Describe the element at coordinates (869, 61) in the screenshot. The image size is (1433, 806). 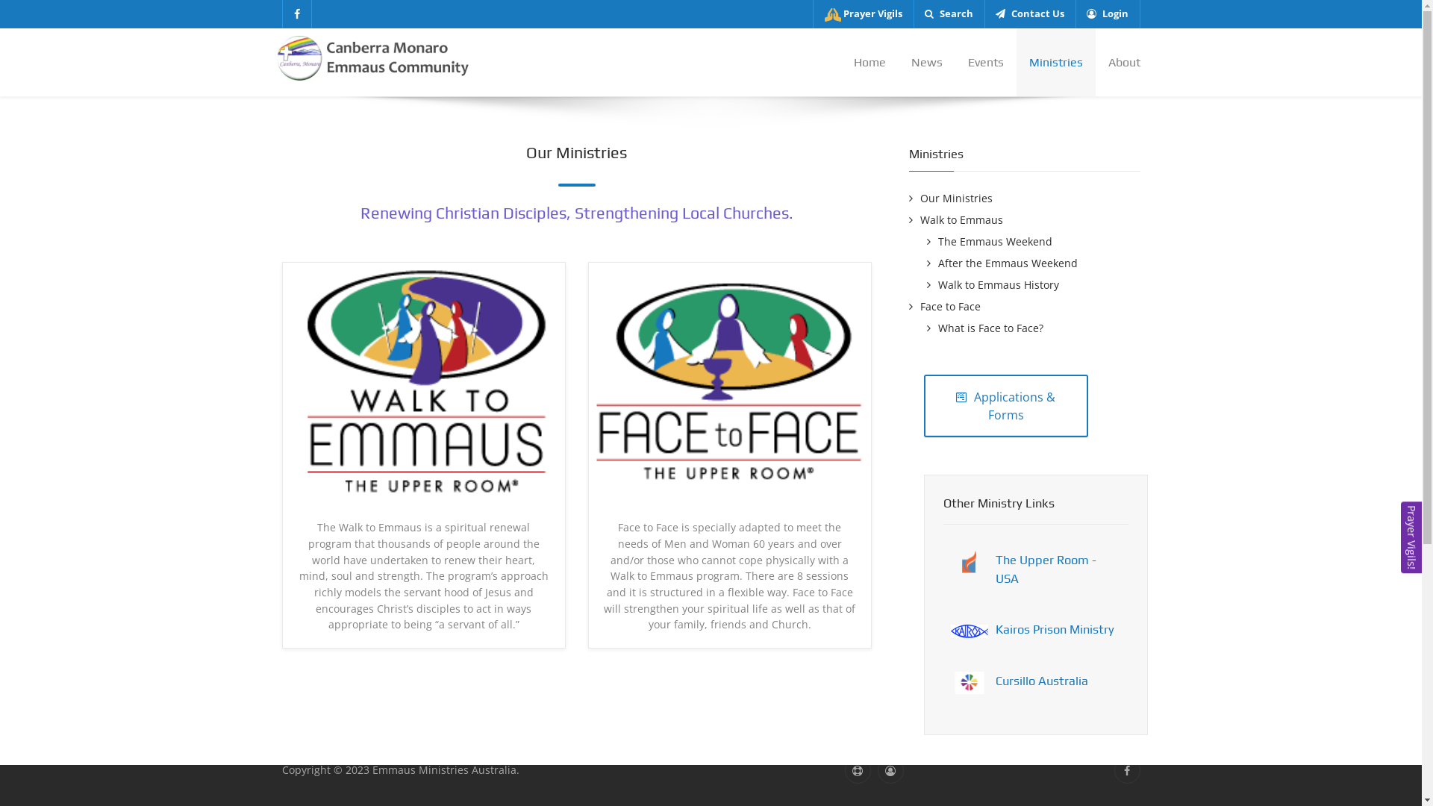
I see `'Home'` at that location.